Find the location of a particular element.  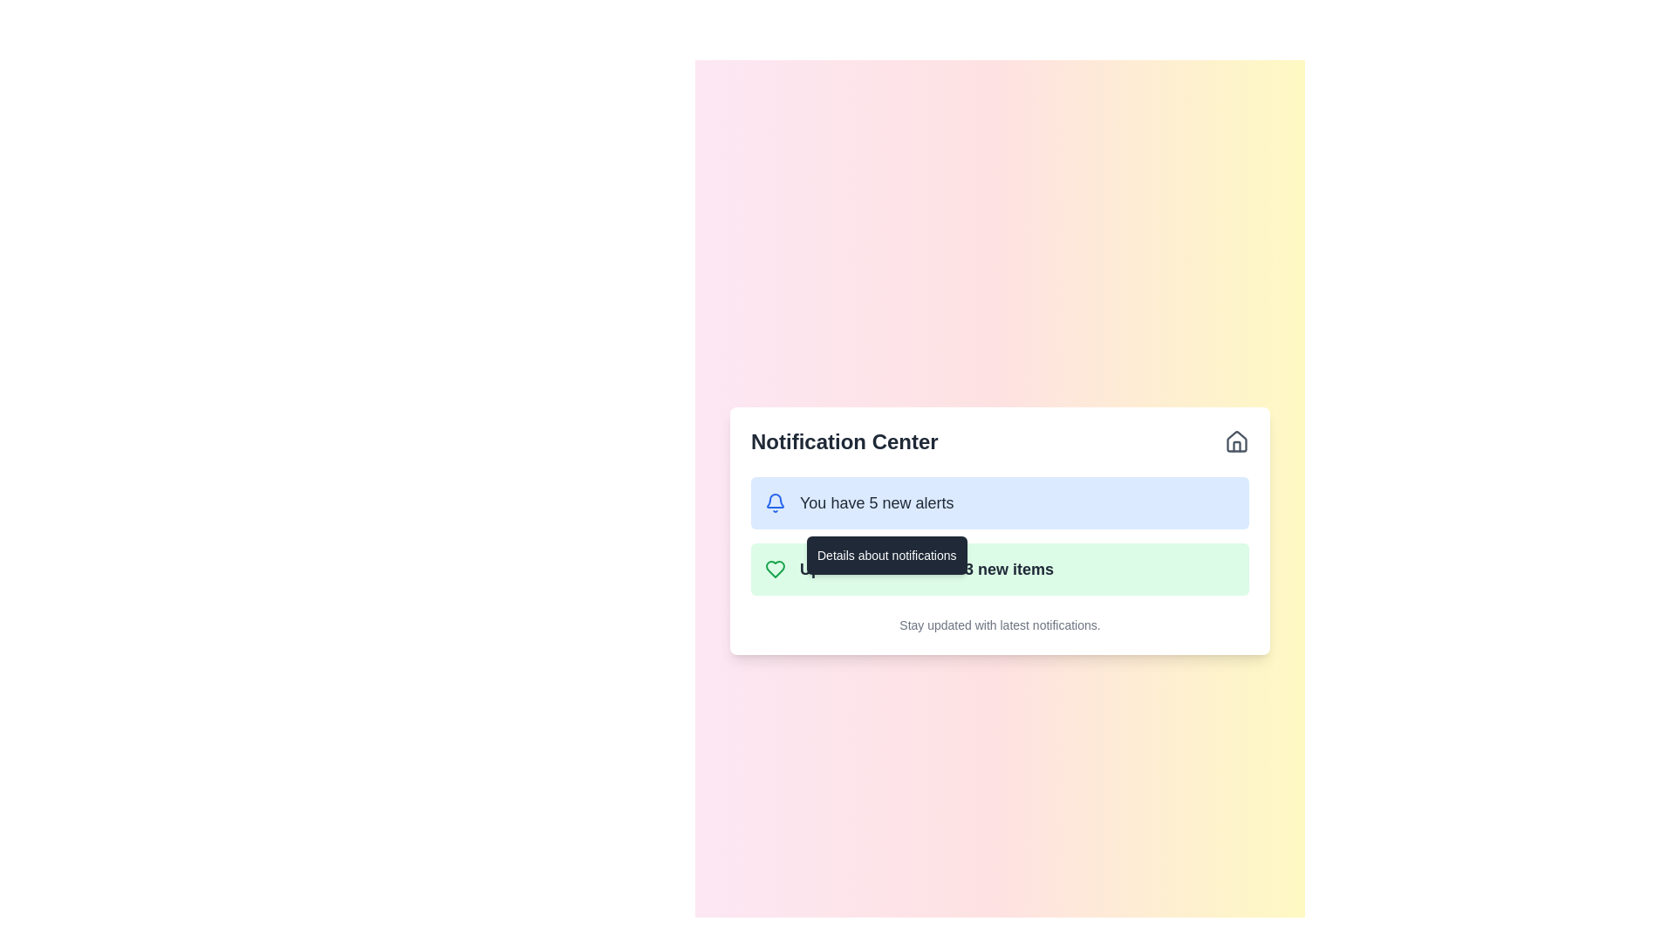

the Notification card that displays a message about an updated wishlist, located in the notification center below the blue 'You have 5 new alerts' card is located at coordinates (1000, 569).